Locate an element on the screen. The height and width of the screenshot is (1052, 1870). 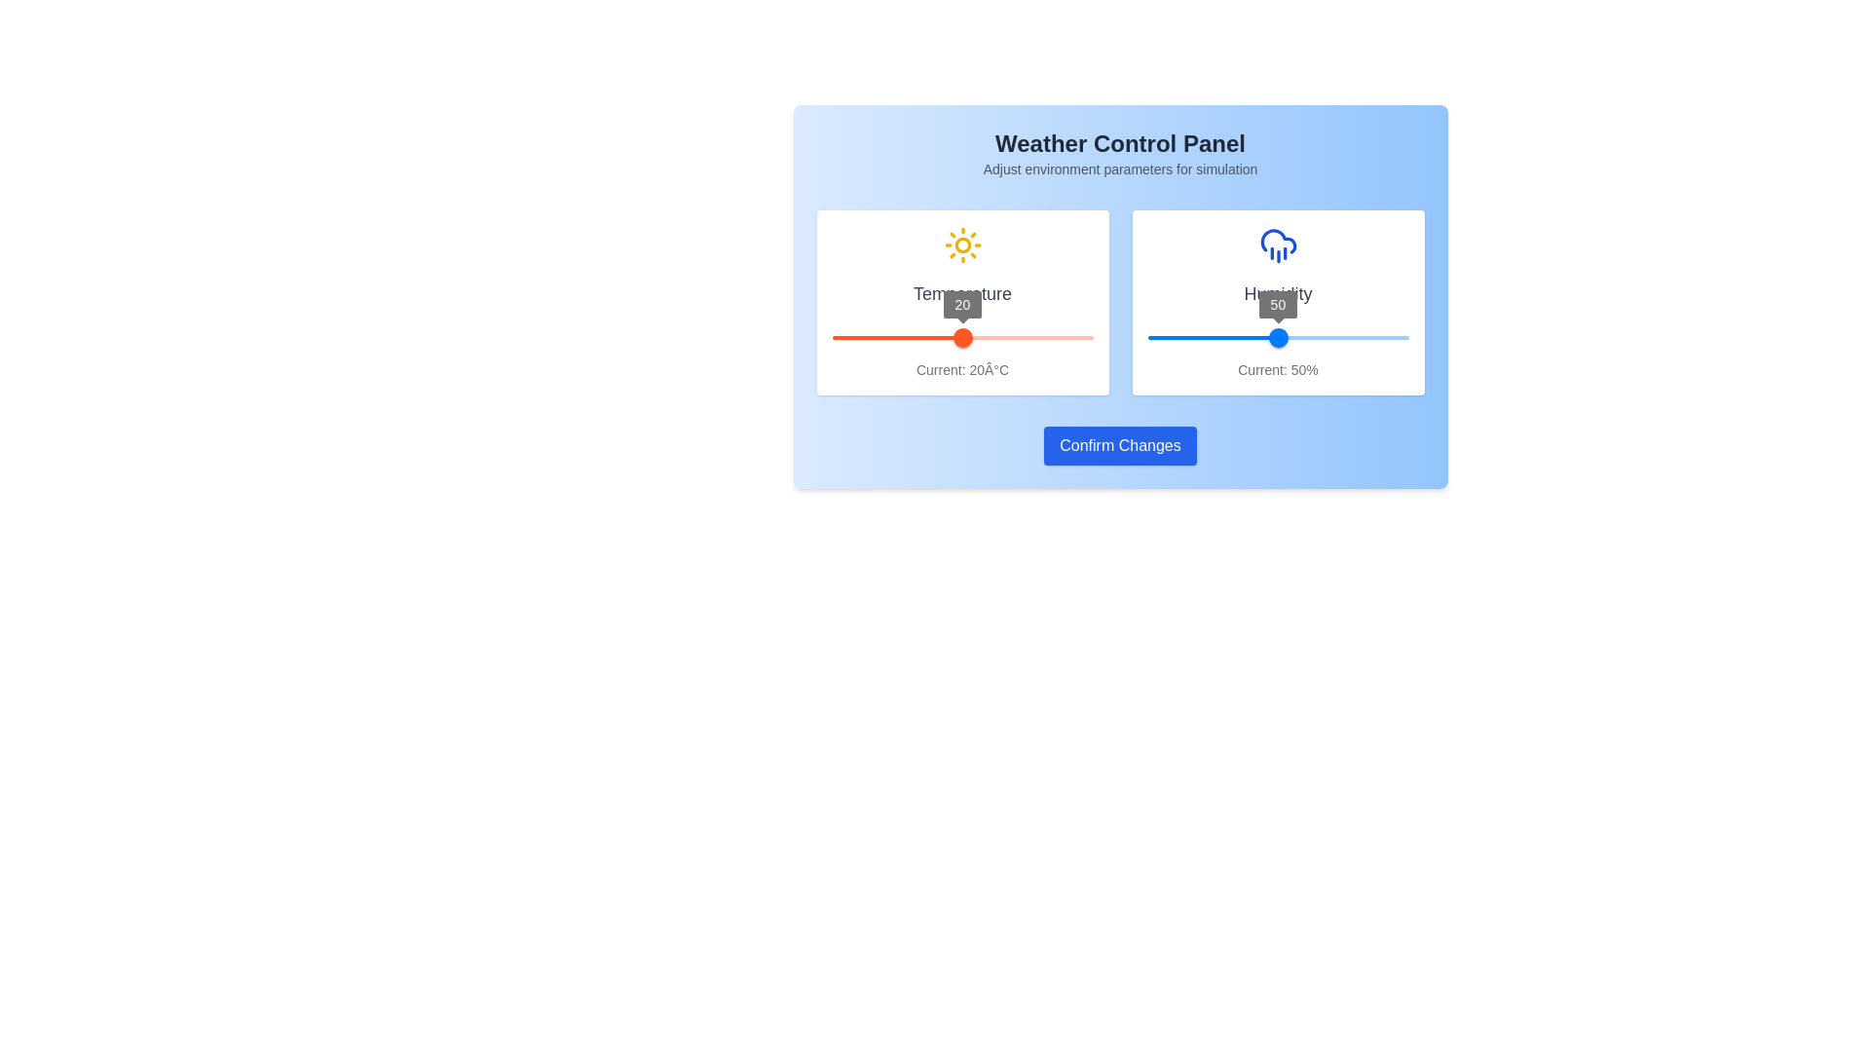
the Value label displaying '50' in white text on a gray background, positioned above the blue slider in the 'Humidity' control card of the 'Weather Control Panel' is located at coordinates (1278, 304).